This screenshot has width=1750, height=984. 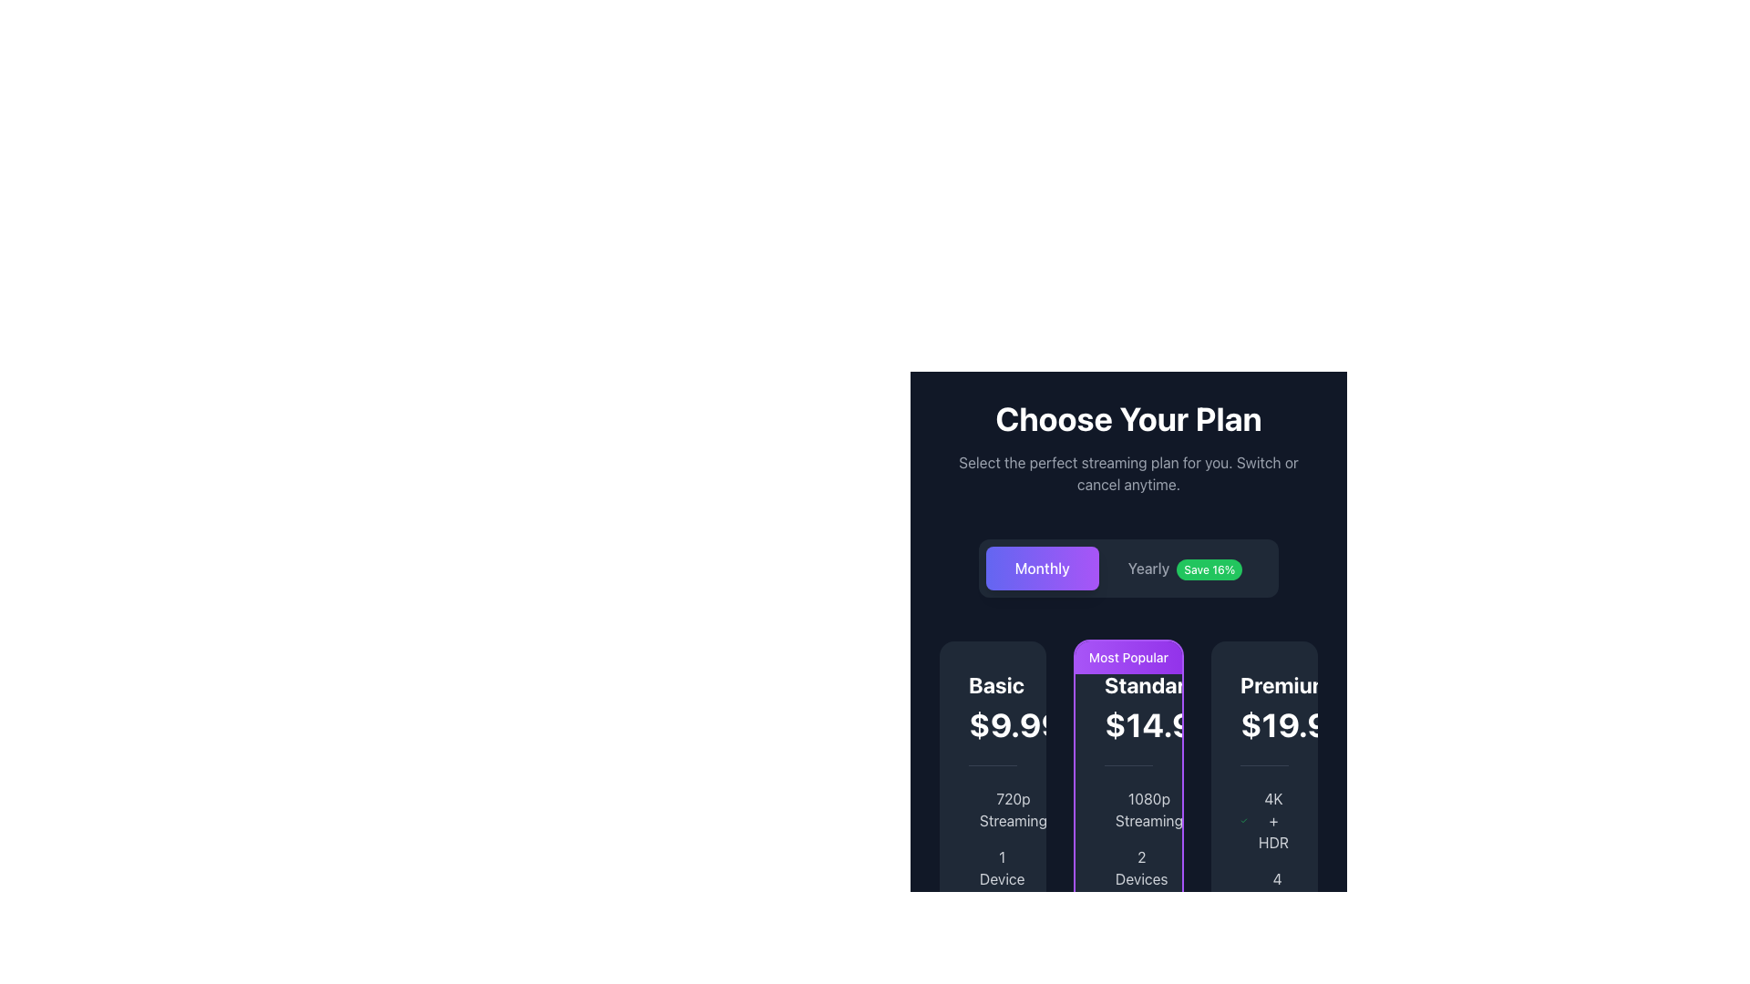 What do you see at coordinates (1127, 657) in the screenshot?
I see `the 'Most Popular' label, which is a rectangular banner with a gradient background and white centered text, located at the top of the 'Standard' pricing card in the 'Choose Your Plan' section` at bounding box center [1127, 657].